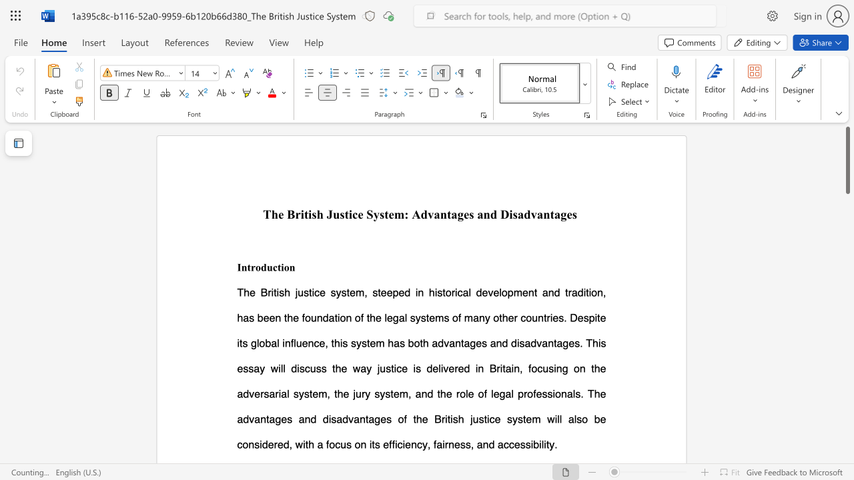  Describe the element at coordinates (847, 232) in the screenshot. I see `the scrollbar to move the content lower` at that location.